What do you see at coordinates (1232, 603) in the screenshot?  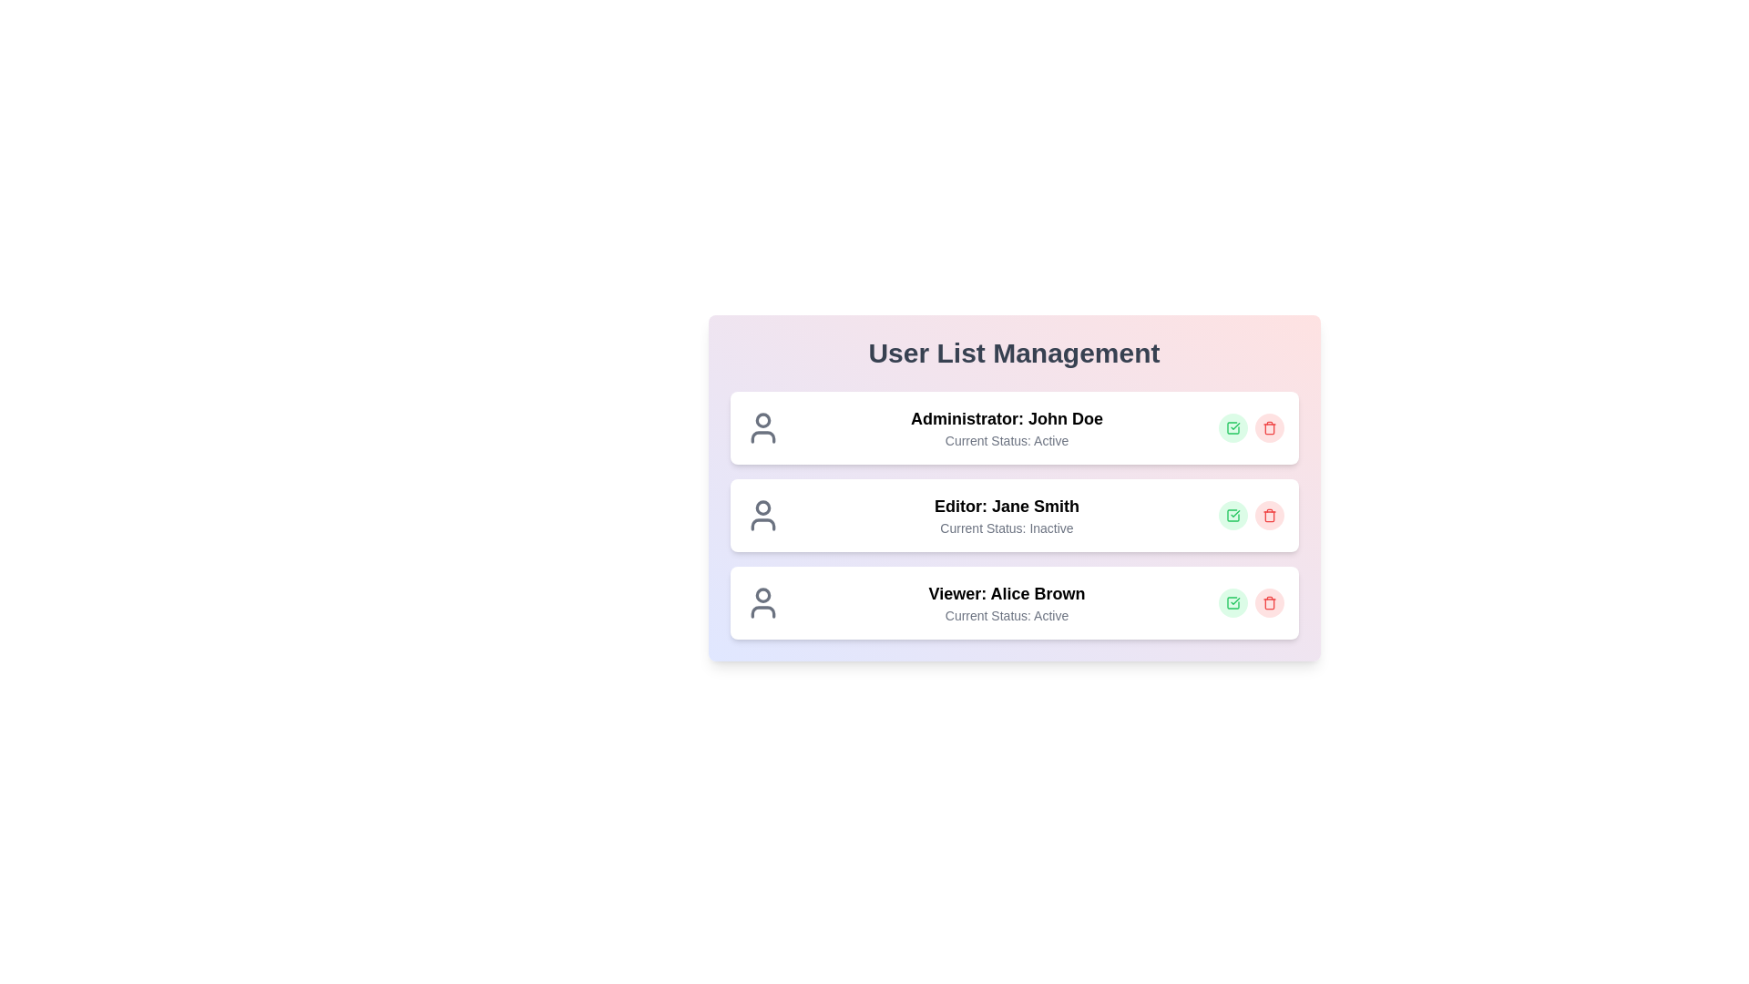 I see `the status represented by the green confirmation icon located in the topmost user panel, adjacent to 'Administrator: John Doe' and left of the red trashcan icon` at bounding box center [1232, 603].